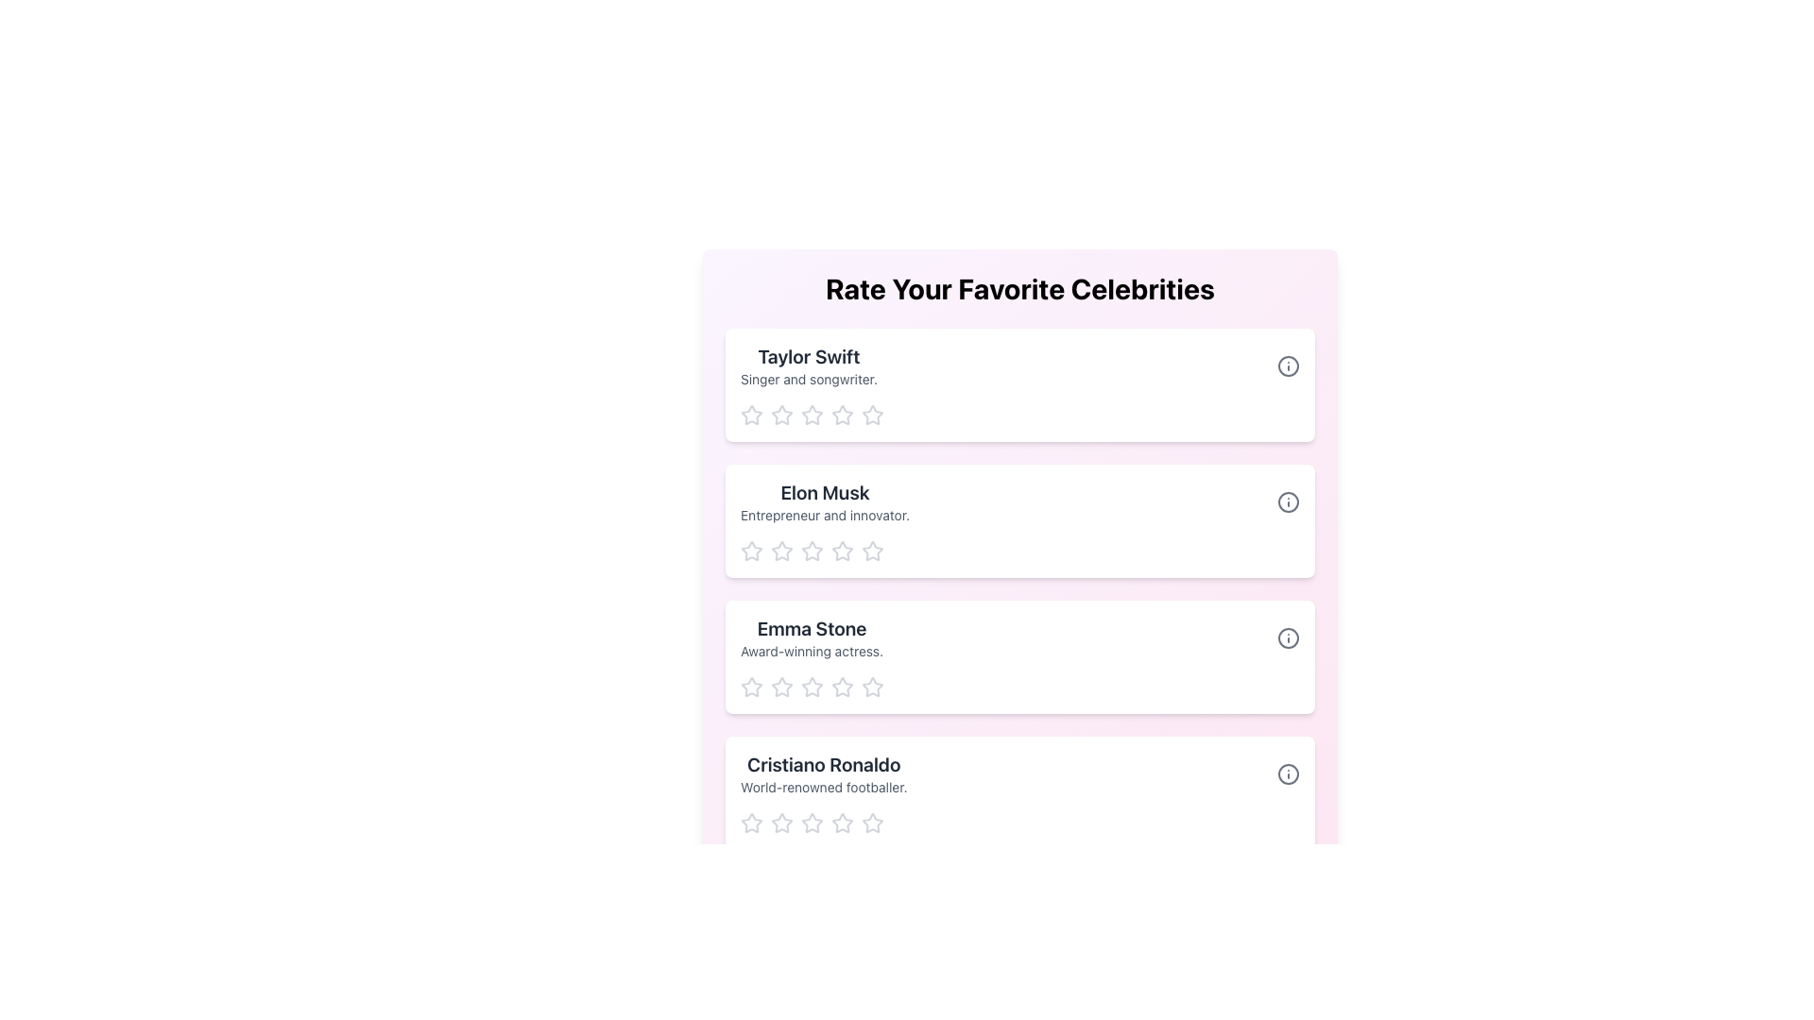 The width and height of the screenshot is (1814, 1020). Describe the element at coordinates (842, 414) in the screenshot. I see `the fourth star icon in the rating section under 'Taylor Swift'` at that location.